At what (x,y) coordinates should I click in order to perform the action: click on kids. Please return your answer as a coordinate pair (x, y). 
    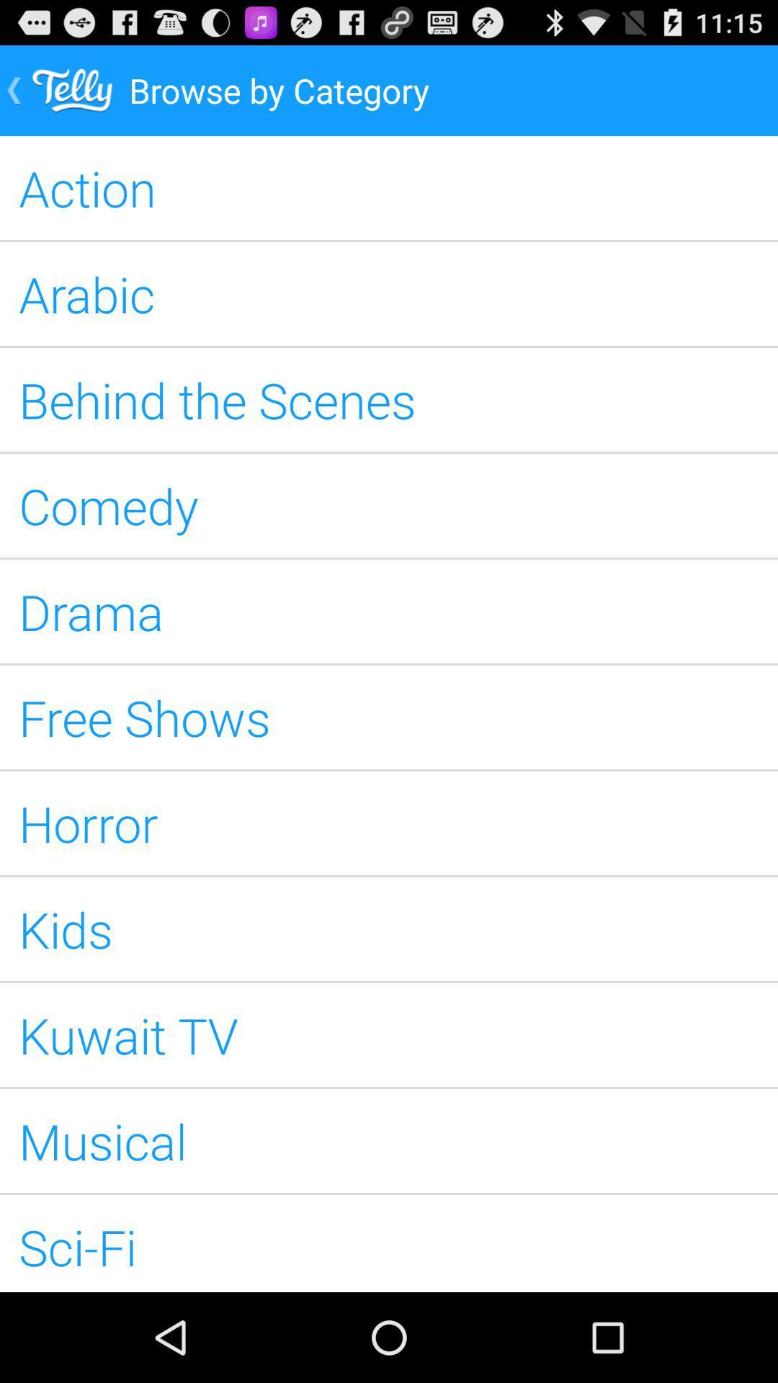
    Looking at the image, I should click on (389, 929).